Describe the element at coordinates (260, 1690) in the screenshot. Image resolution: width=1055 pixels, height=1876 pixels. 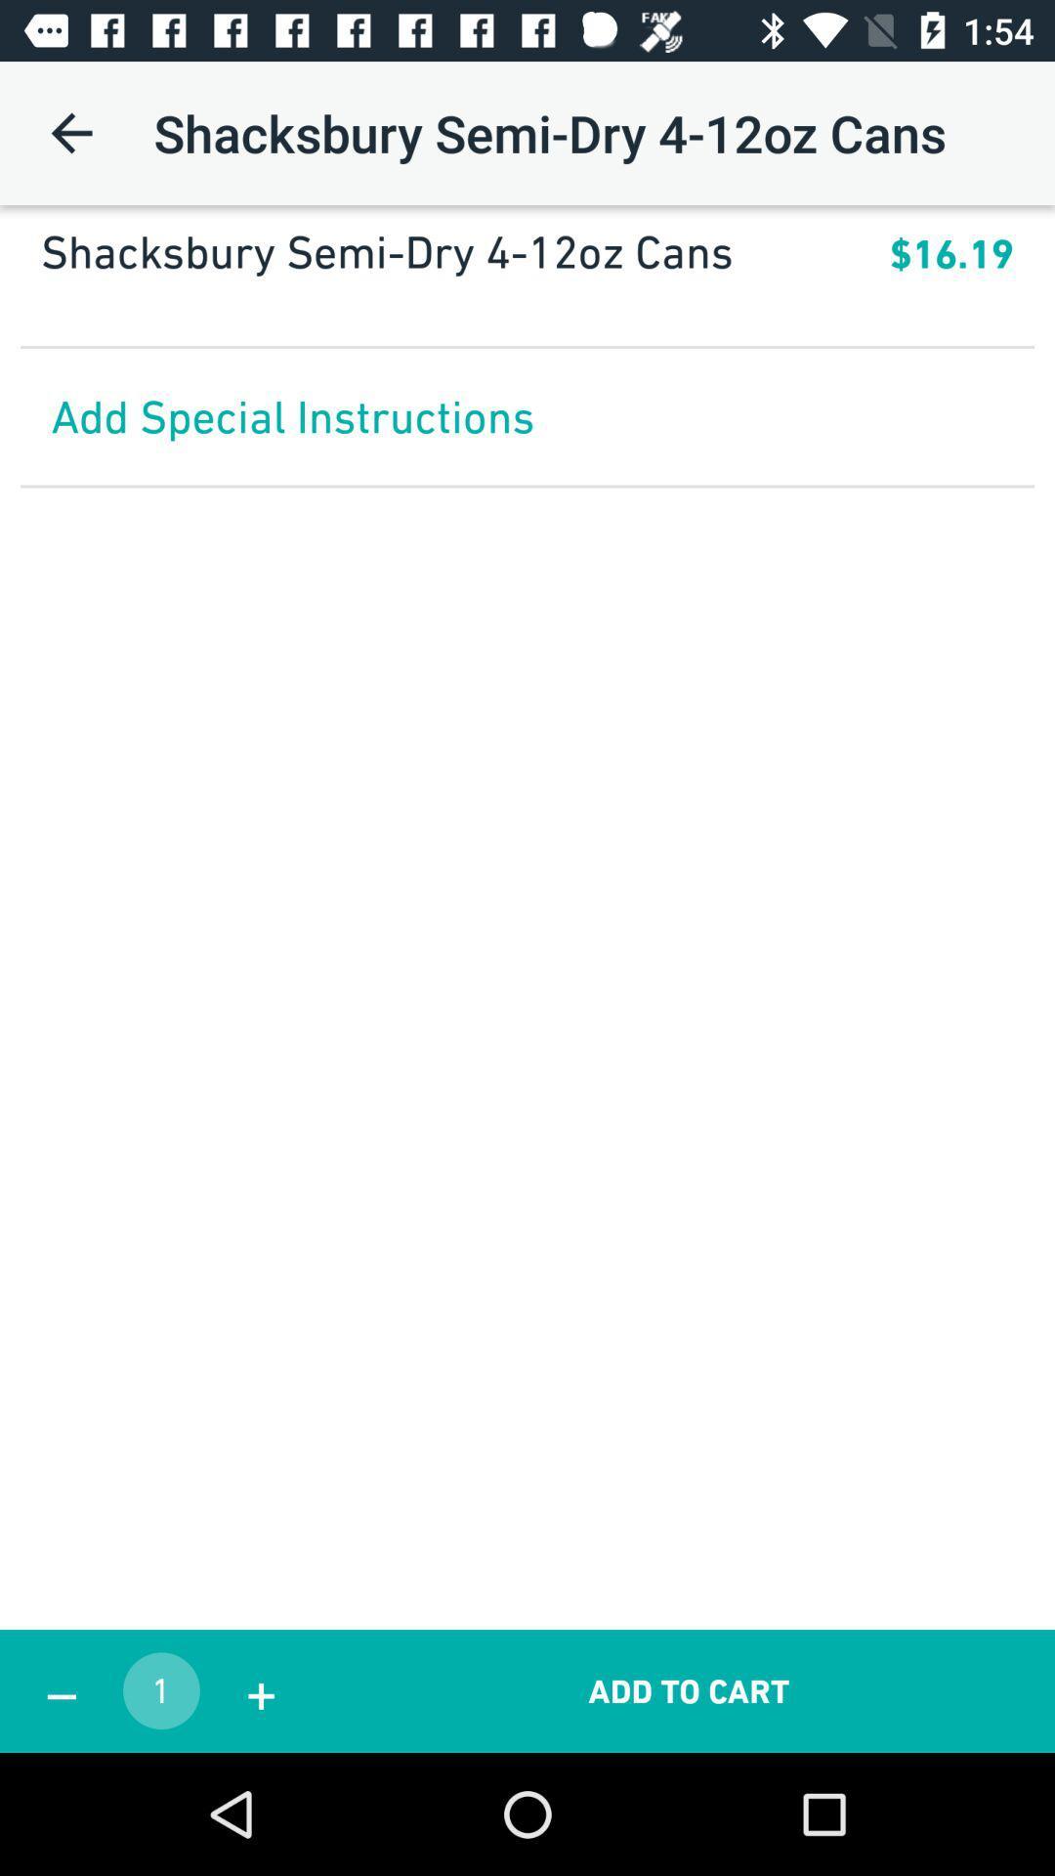
I see `the icon to the left of the add to cart icon` at that location.